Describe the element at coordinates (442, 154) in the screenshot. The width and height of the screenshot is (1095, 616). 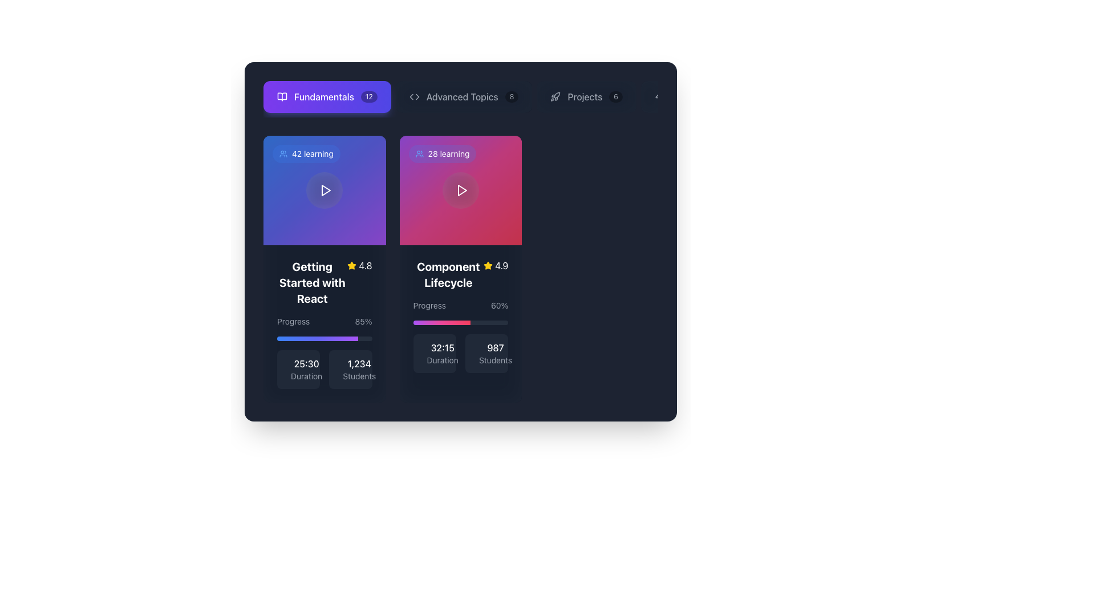
I see `the textual badge with a semi-transparent blue background containing the icon of users and the text '28 learning', located in the top-left corner of the 'Component Lifecycle' card` at that location.